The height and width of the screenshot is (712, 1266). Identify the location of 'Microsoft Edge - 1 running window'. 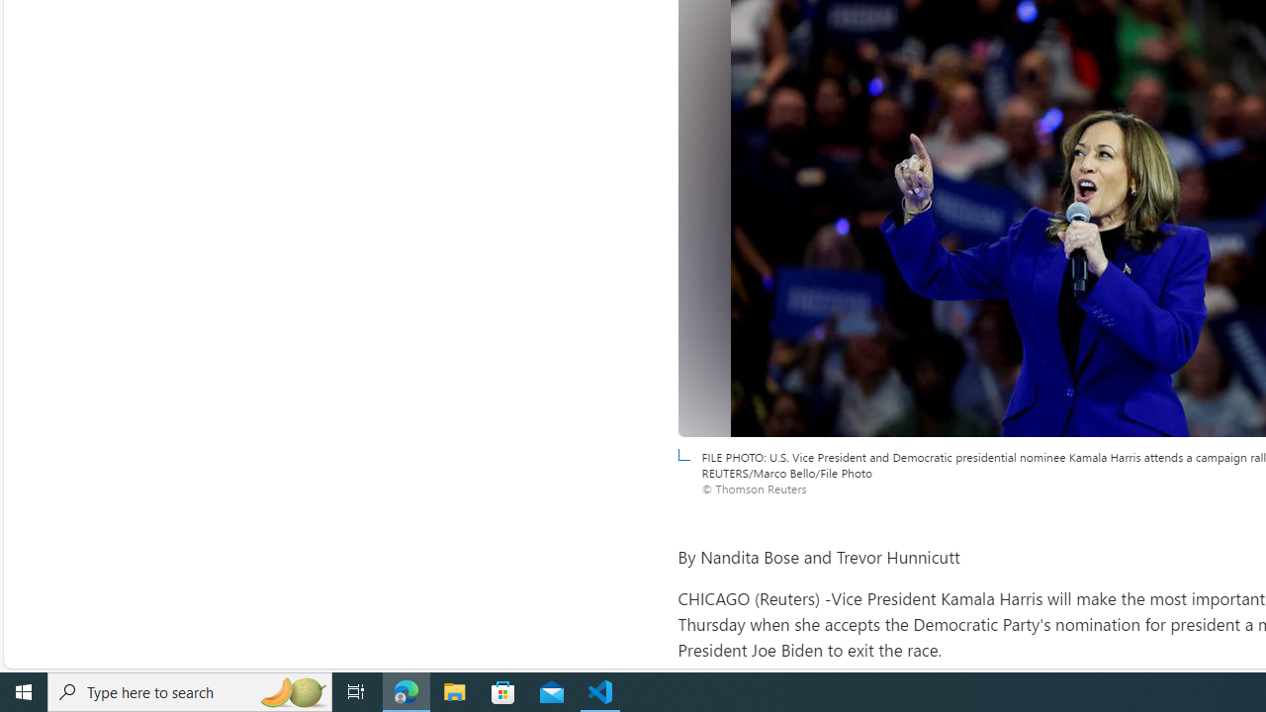
(406, 690).